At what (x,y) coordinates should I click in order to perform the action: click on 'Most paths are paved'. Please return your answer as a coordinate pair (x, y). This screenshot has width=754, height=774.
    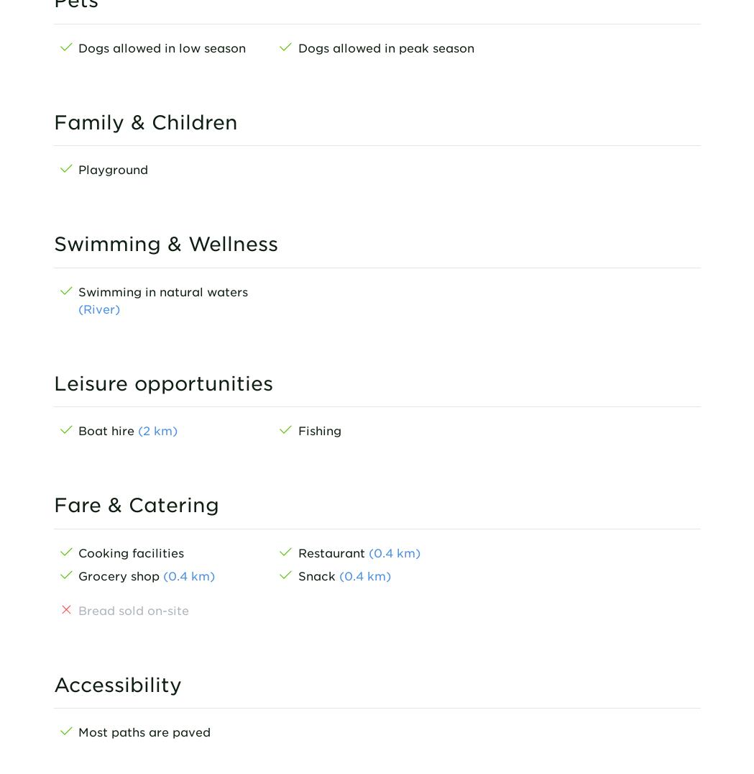
    Looking at the image, I should click on (143, 731).